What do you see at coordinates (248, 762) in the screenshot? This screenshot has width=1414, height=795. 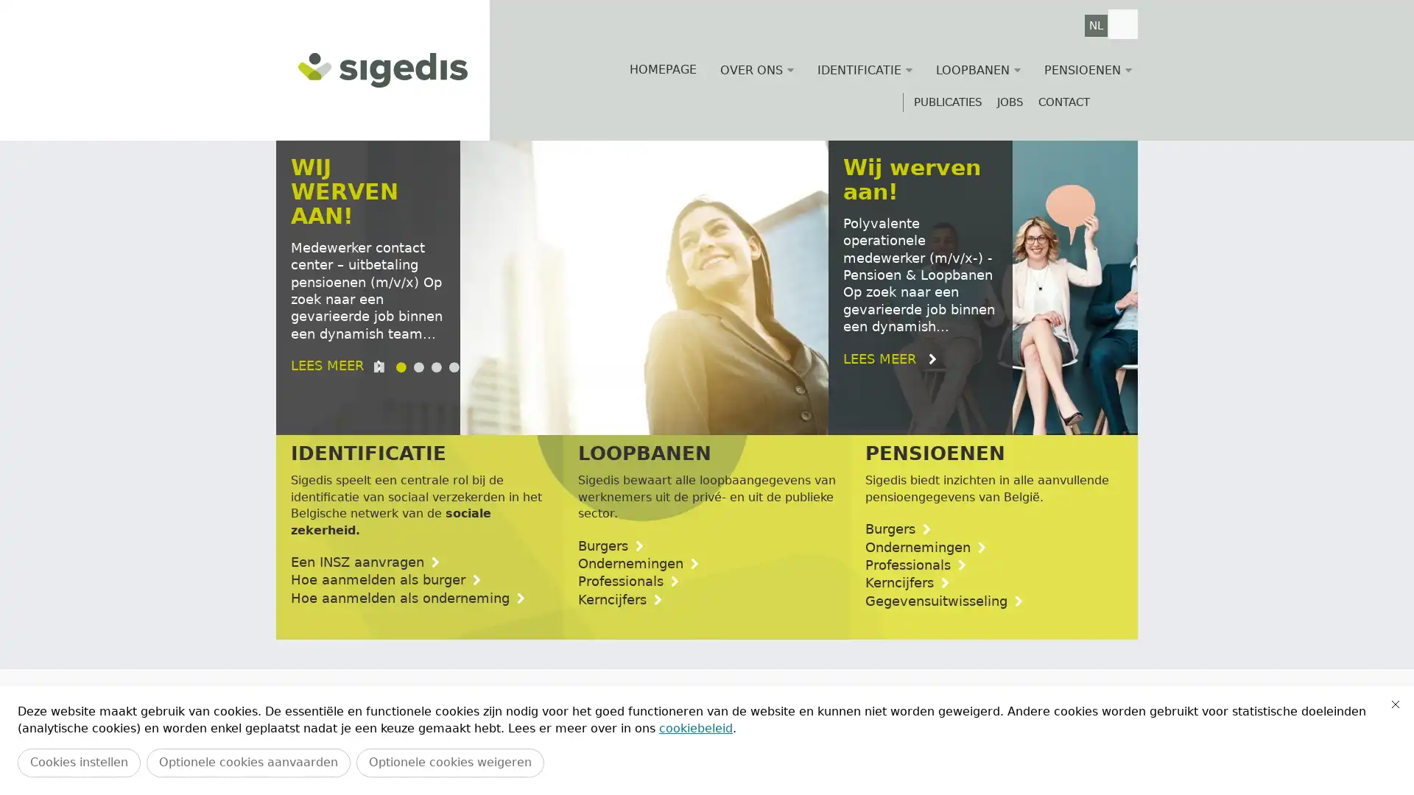 I see `Optionele cookies aanvaarden` at bounding box center [248, 762].